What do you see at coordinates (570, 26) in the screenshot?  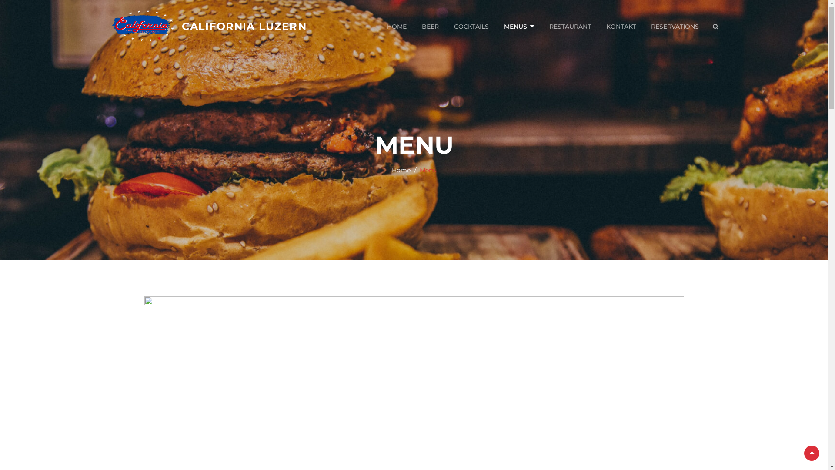 I see `'RESTAURANT'` at bounding box center [570, 26].